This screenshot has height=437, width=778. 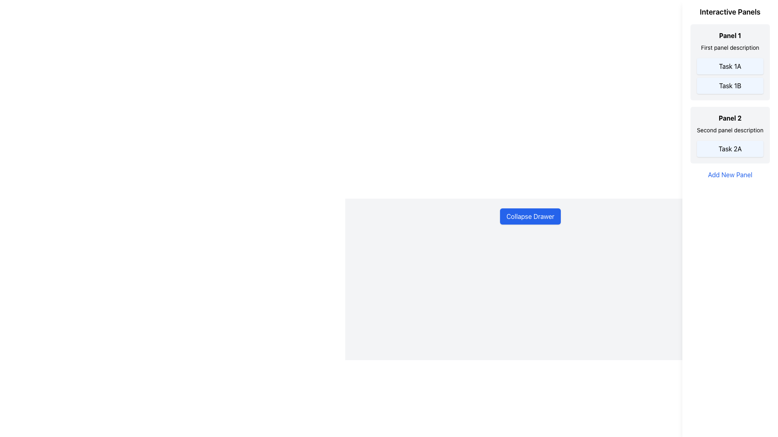 I want to click on the static text label reading 'First panel description' located in the light gray panel labeled 'Panel 1', which is positioned directly below the panel title and above the list items 'Task 1A' and 'Task 1B', so click(x=730, y=48).